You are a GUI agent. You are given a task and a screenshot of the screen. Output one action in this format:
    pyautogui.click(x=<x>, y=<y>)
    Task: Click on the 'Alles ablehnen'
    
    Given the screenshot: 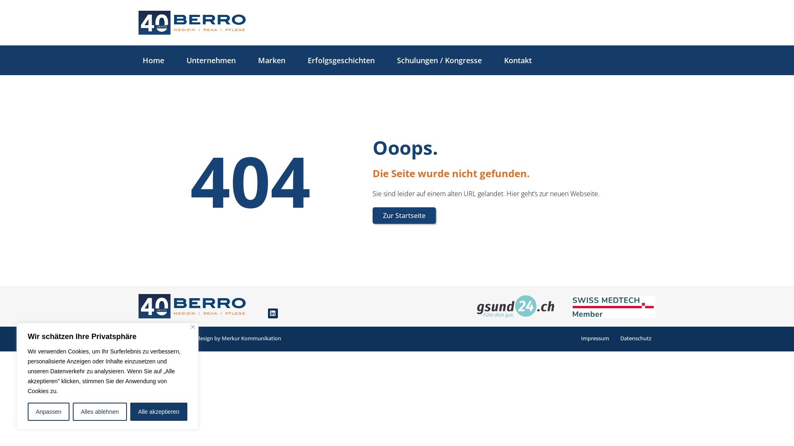 What is the action you would take?
    pyautogui.click(x=99, y=411)
    